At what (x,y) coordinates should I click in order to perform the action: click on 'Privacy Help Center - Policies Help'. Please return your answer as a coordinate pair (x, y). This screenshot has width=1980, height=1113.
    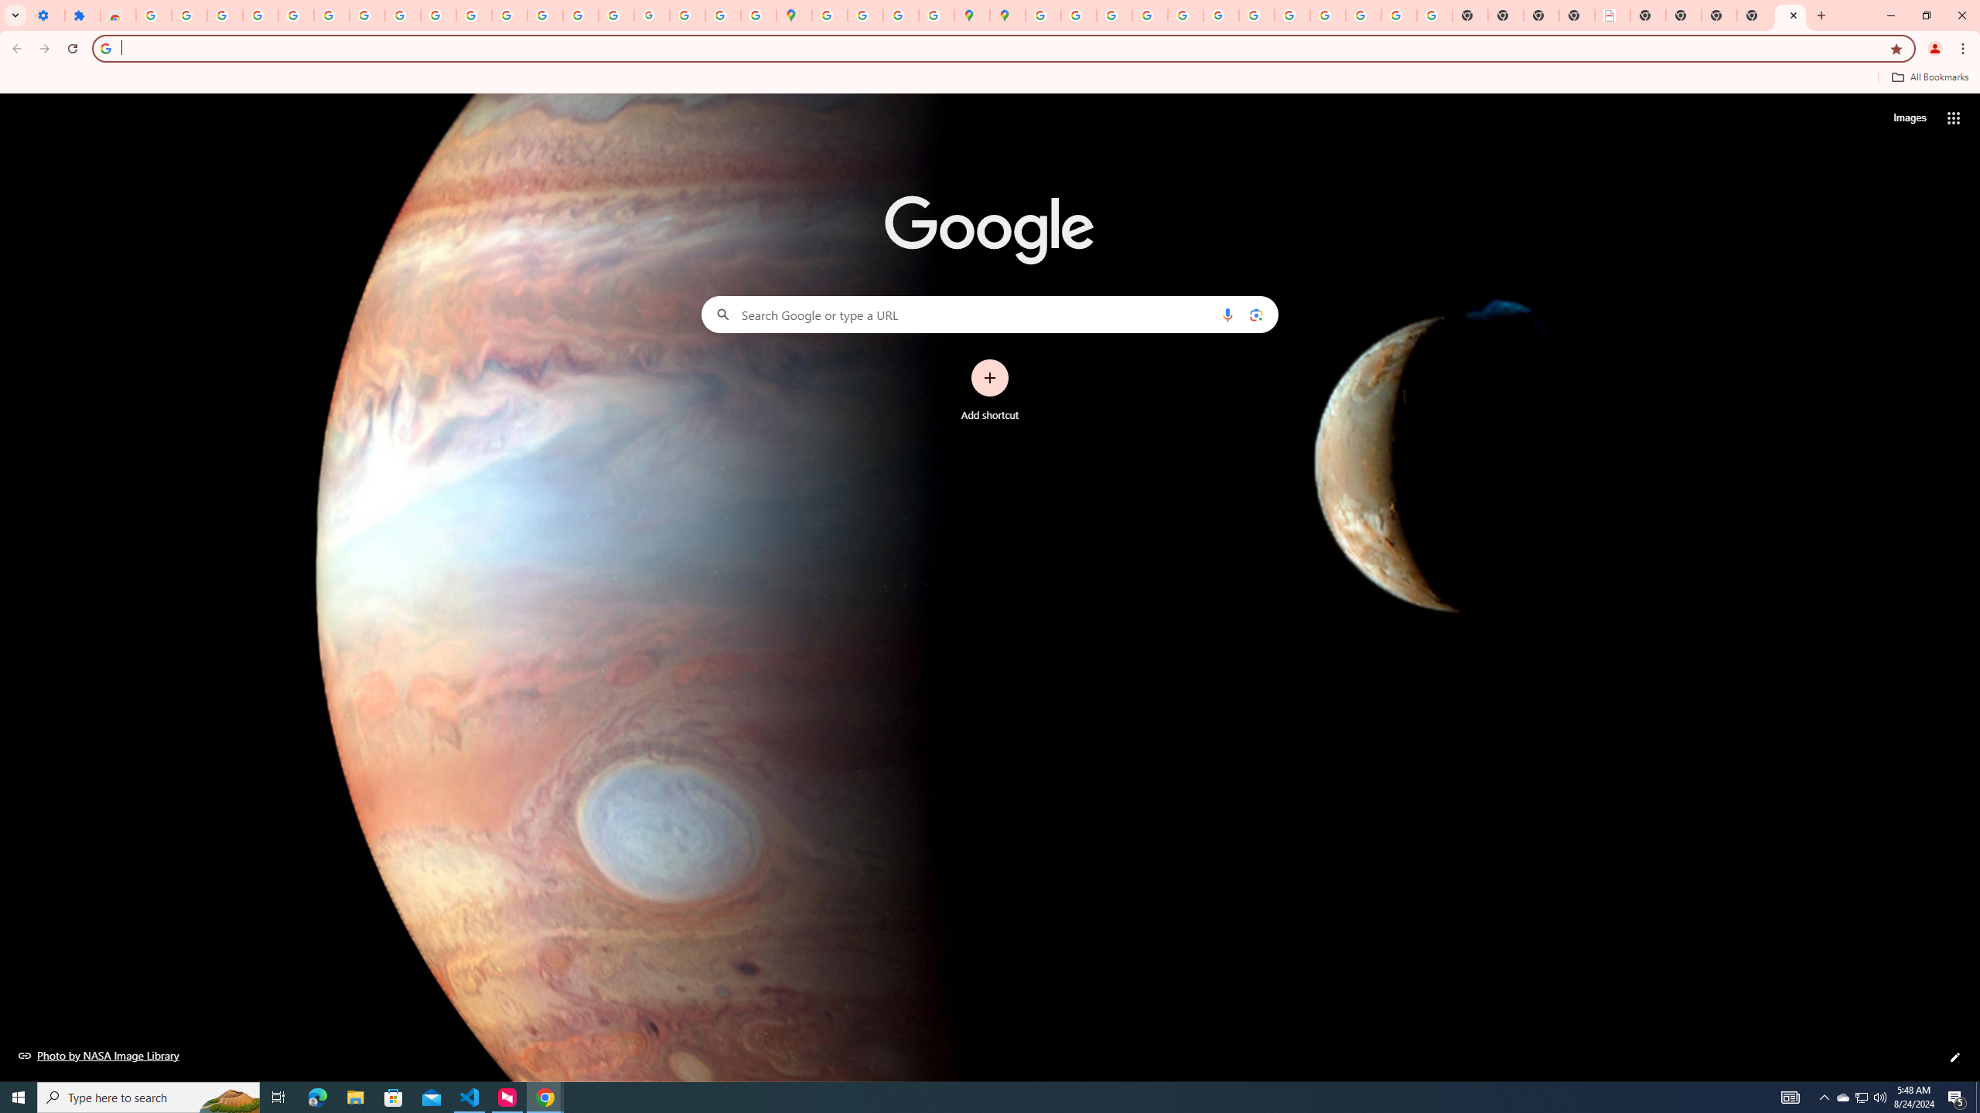
    Looking at the image, I should click on (1149, 15).